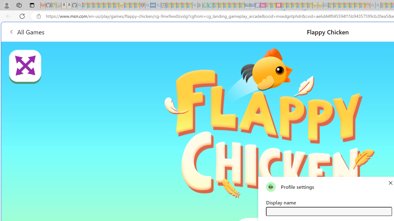  Describe the element at coordinates (325, 5) in the screenshot. I see `'DITOGAMES AG Imprint - Sleeping'` at that location.